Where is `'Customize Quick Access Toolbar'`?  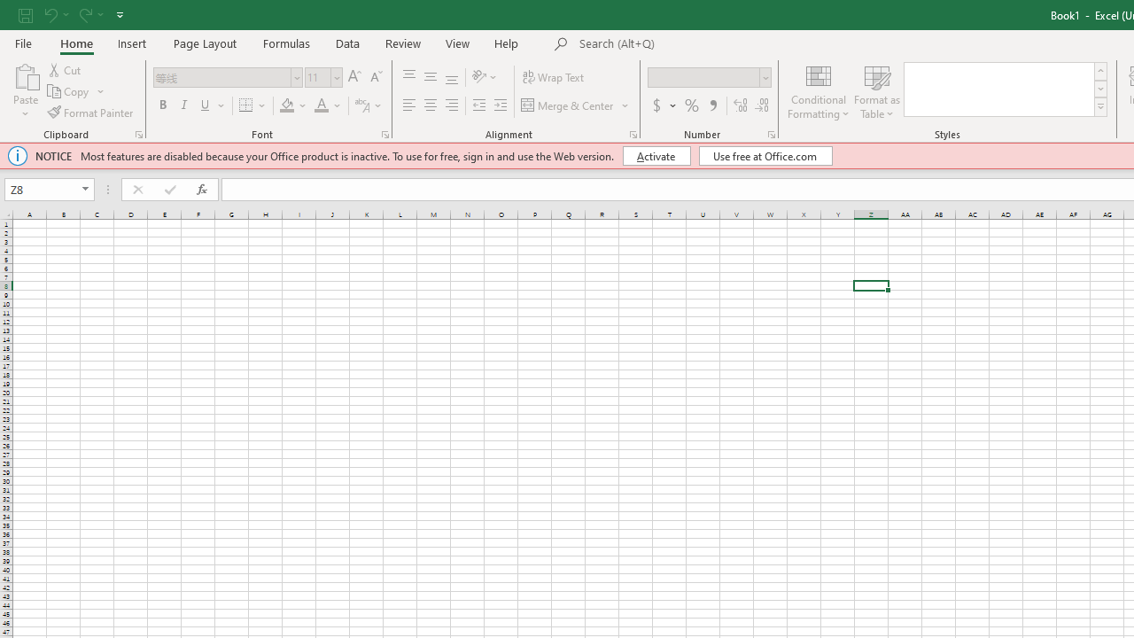 'Customize Quick Access Toolbar' is located at coordinates (119, 14).